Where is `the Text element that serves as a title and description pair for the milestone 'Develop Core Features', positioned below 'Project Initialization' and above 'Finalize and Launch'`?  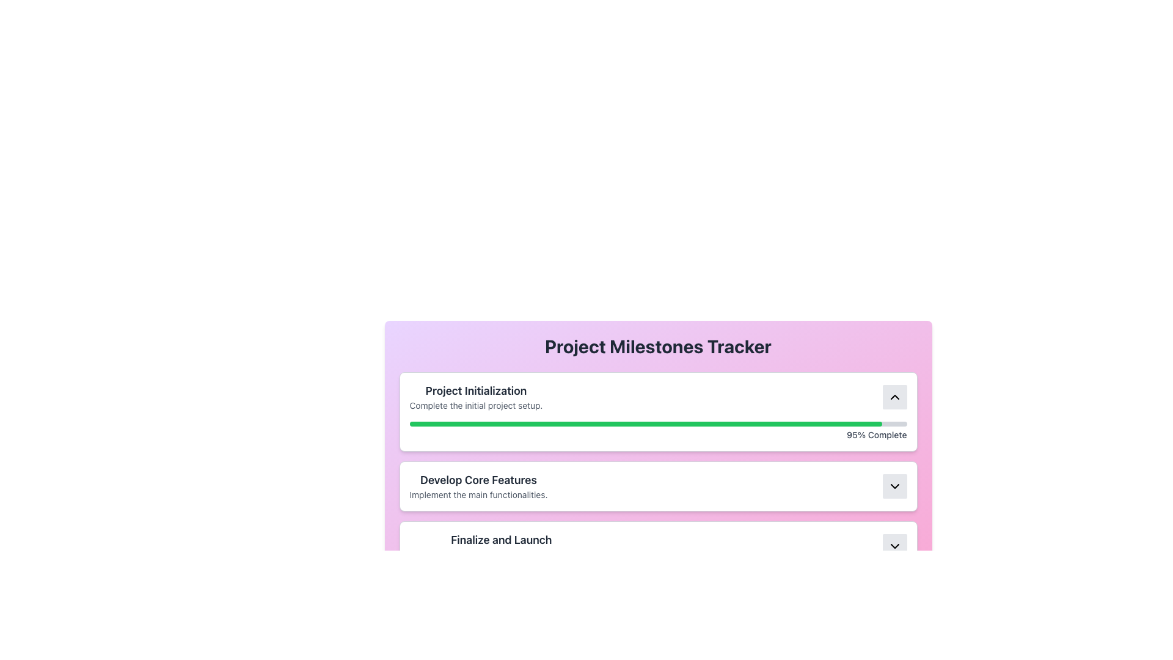 the Text element that serves as a title and description pair for the milestone 'Develop Core Features', positioned below 'Project Initialization' and above 'Finalize and Launch' is located at coordinates (478, 485).